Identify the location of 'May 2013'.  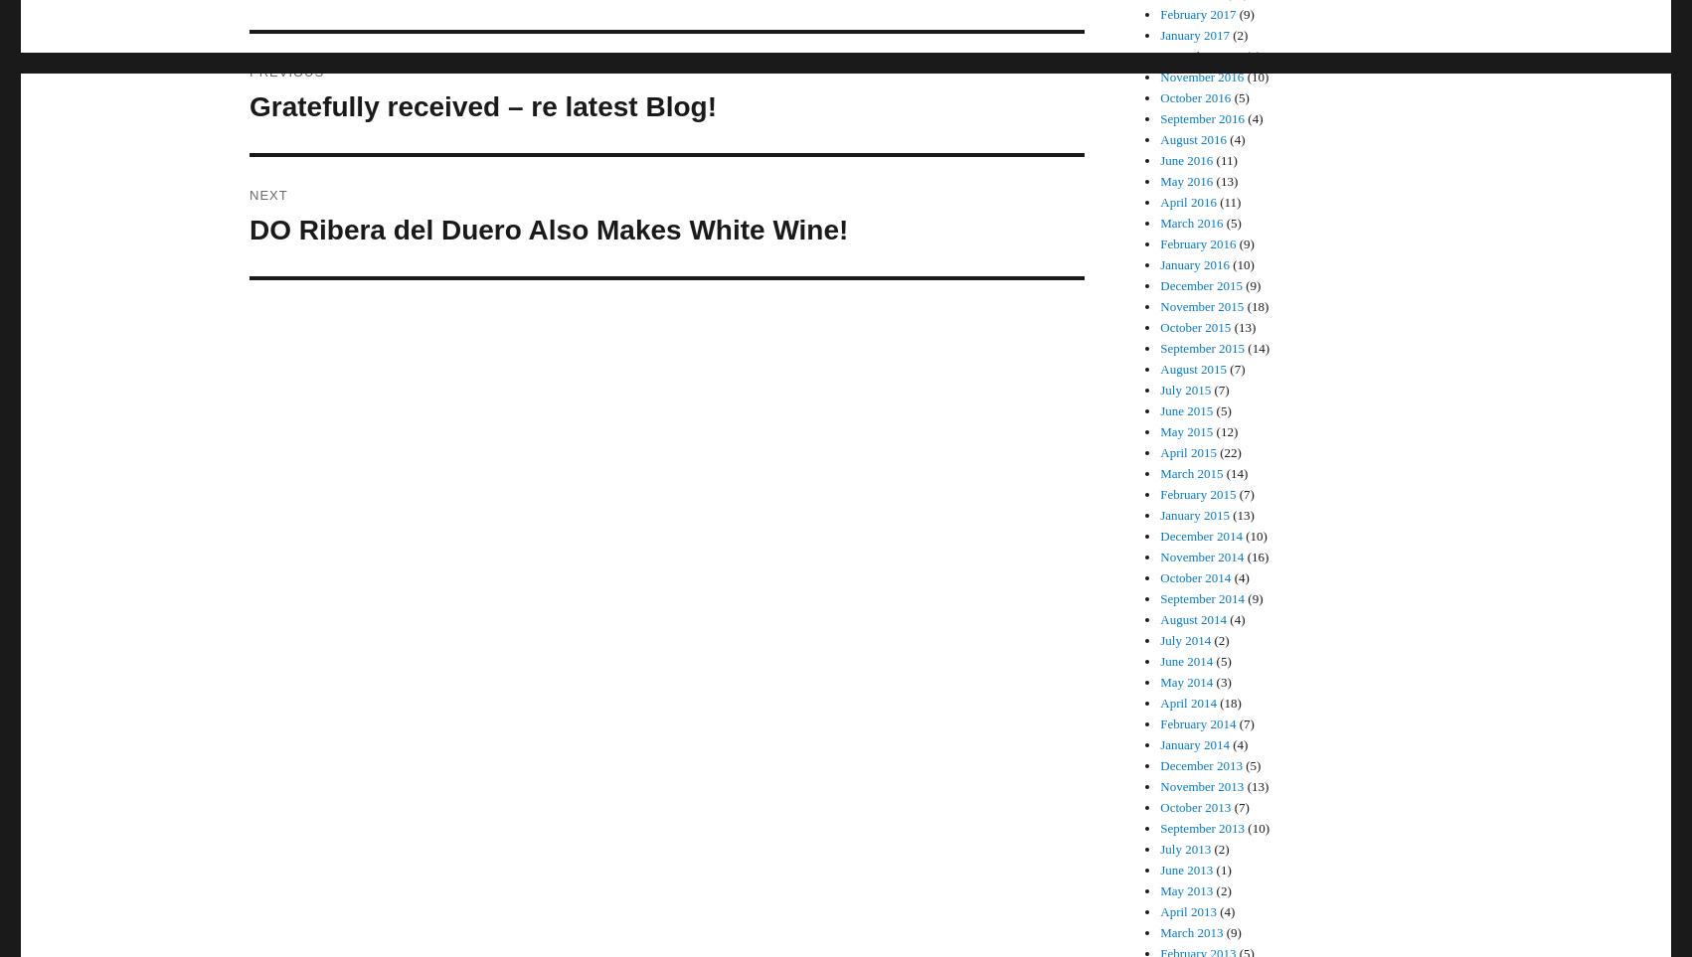
(1186, 889).